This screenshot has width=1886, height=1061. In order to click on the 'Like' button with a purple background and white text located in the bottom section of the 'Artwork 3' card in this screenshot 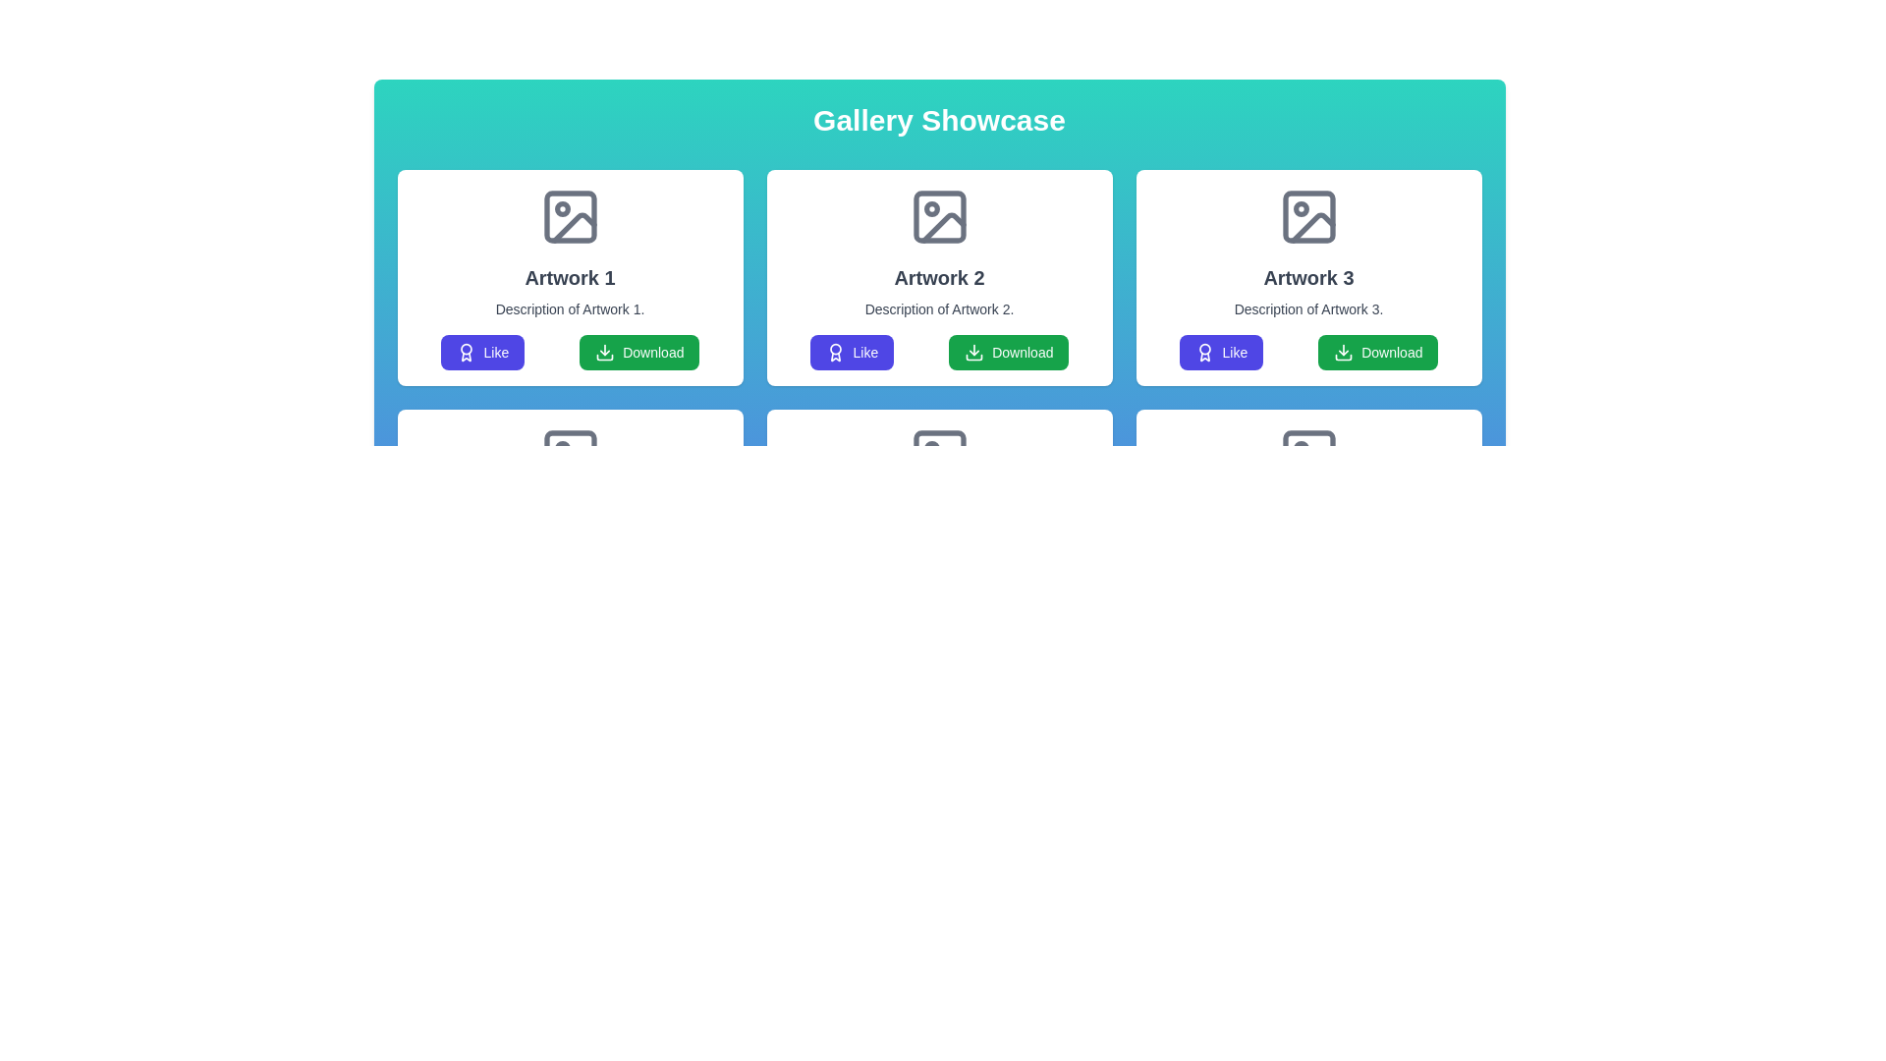, I will do `click(1220, 351)`.